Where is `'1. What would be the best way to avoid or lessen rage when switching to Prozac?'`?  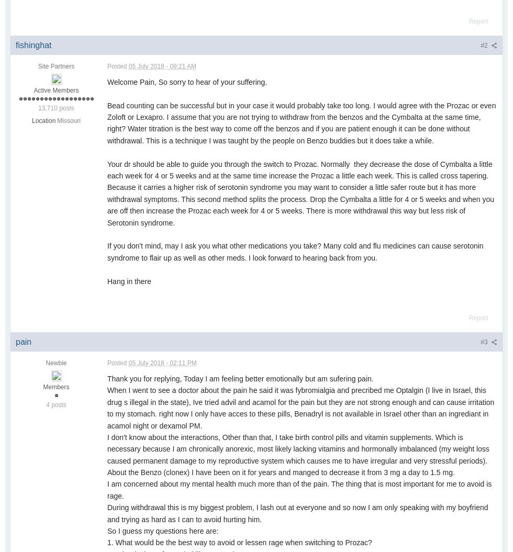 '1. What would be the best way to avoid or lessen rage when switching to Prozac?' is located at coordinates (239, 542).